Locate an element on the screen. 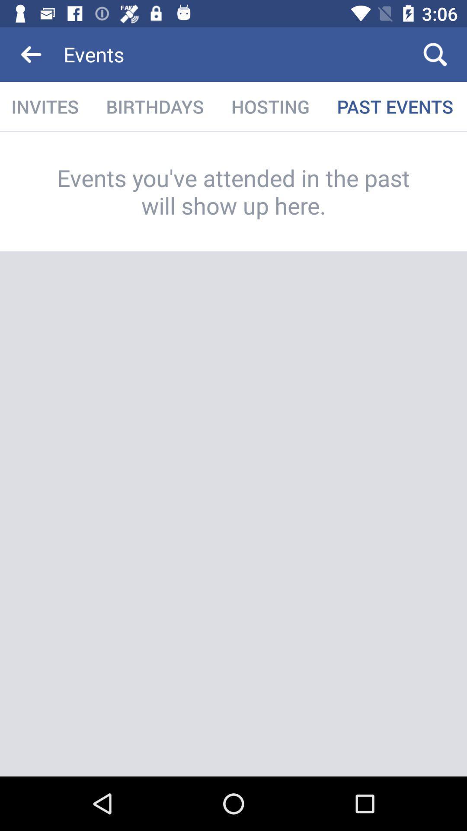  invites icon is located at coordinates (46, 106).